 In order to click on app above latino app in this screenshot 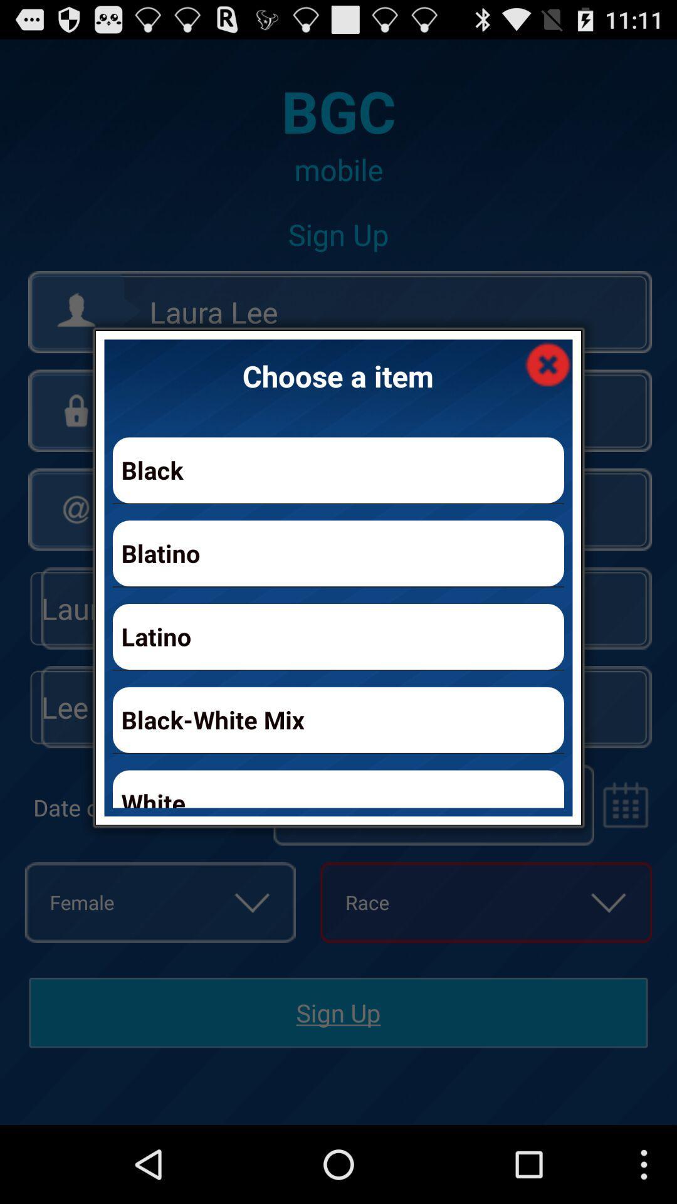, I will do `click(338, 552)`.